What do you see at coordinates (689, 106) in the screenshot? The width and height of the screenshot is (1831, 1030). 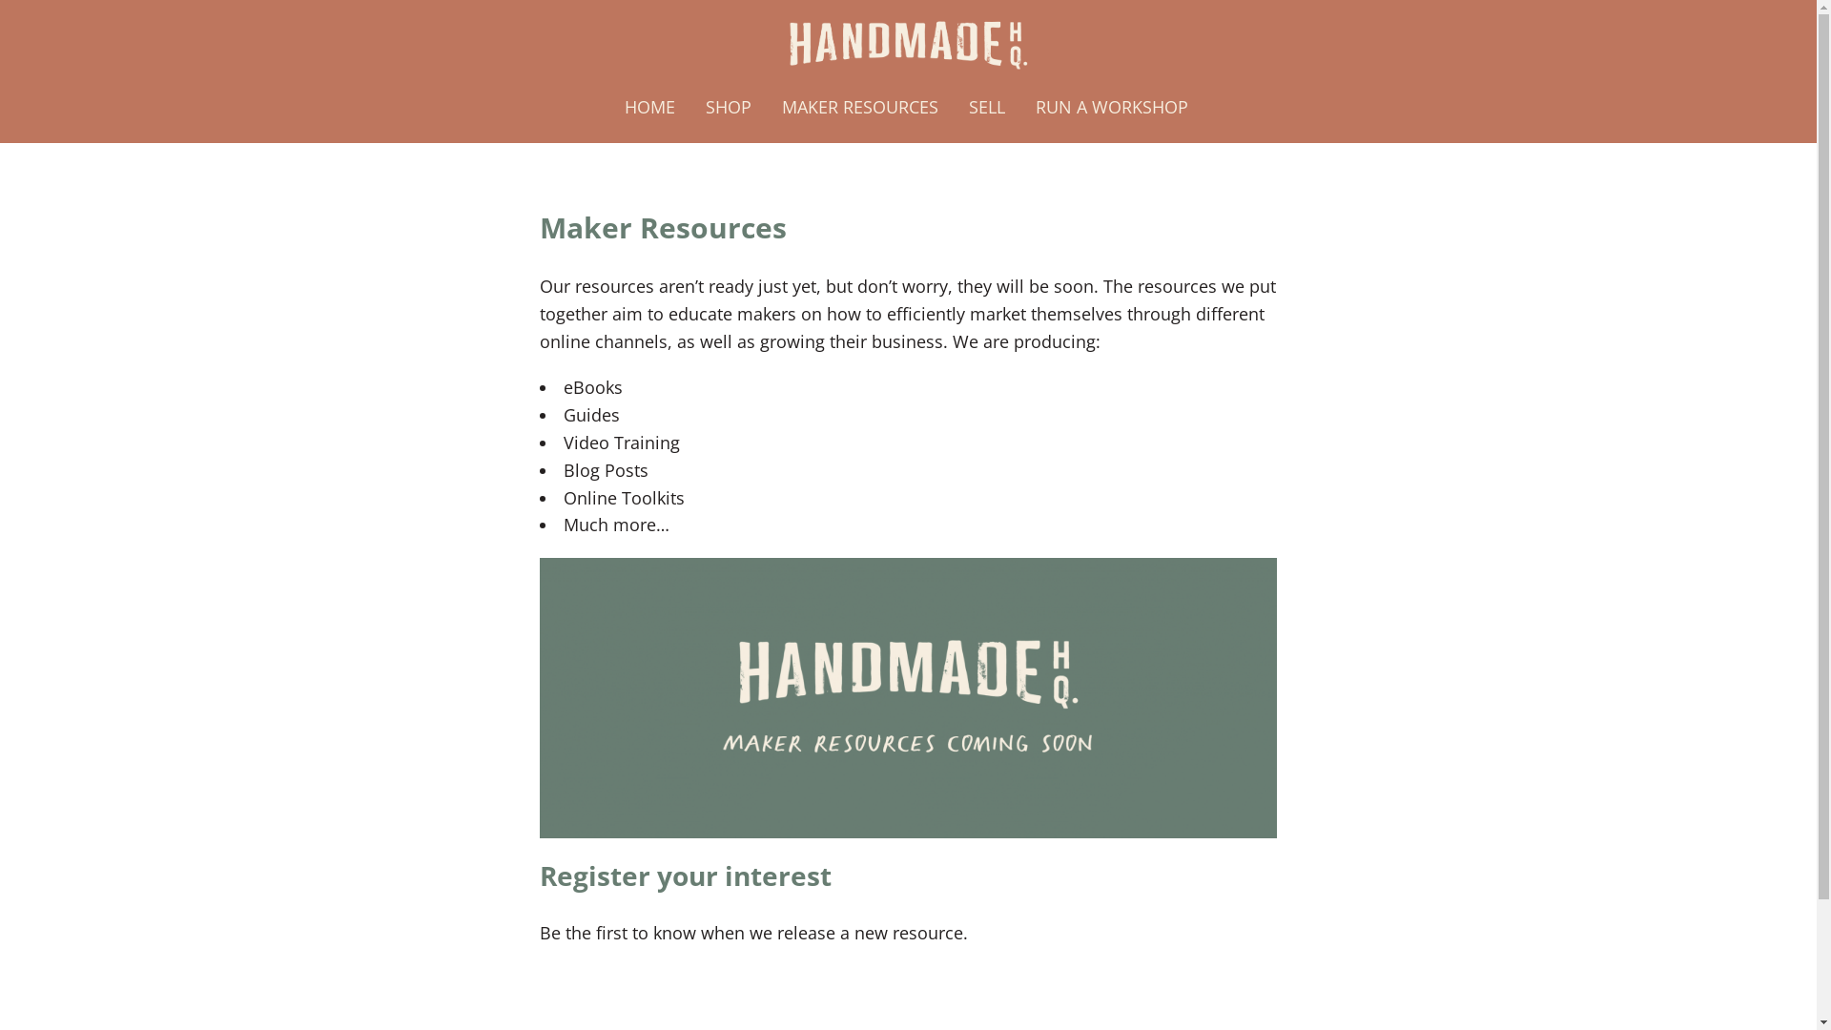 I see `'SHOP'` at bounding box center [689, 106].